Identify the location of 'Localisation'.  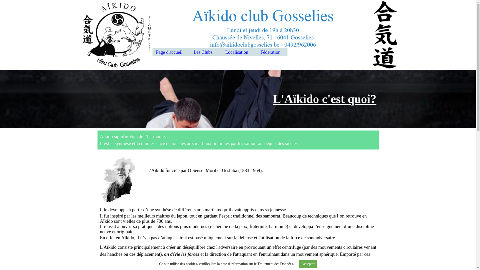
(236, 52).